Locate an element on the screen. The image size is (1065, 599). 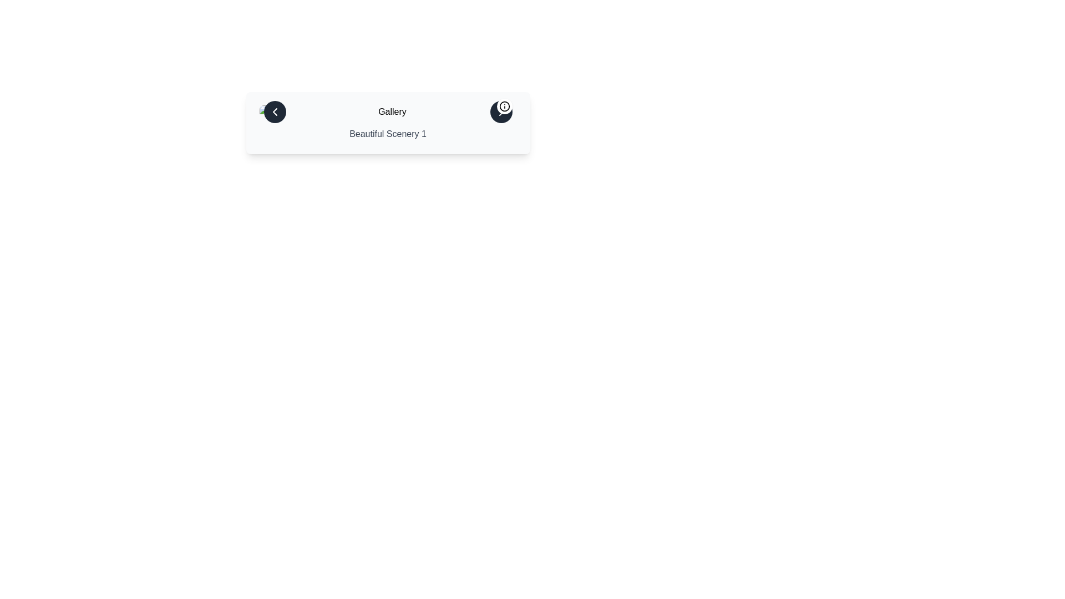
the left-pointing chevron button located within a circular dark background is located at coordinates (275, 111).